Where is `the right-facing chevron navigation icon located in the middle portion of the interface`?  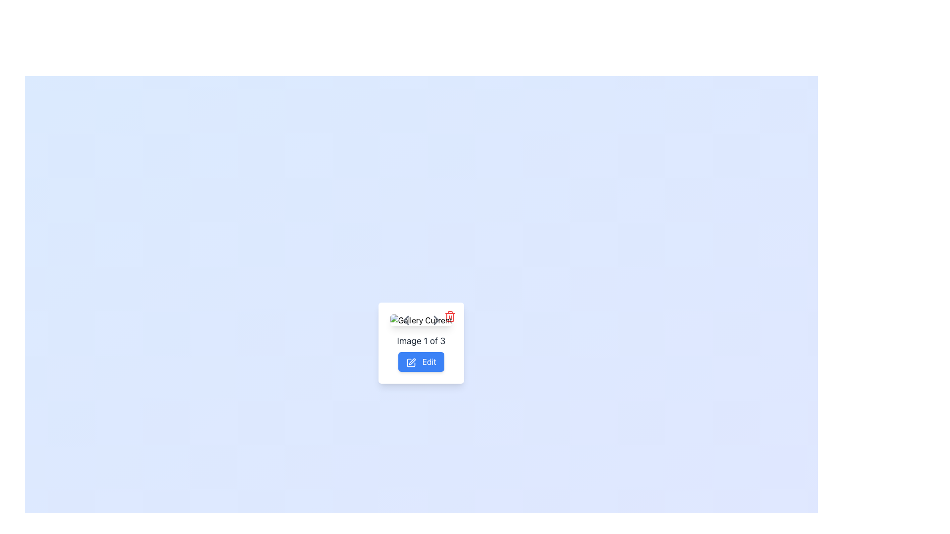 the right-facing chevron navigation icon located in the middle portion of the interface is located at coordinates (436, 320).